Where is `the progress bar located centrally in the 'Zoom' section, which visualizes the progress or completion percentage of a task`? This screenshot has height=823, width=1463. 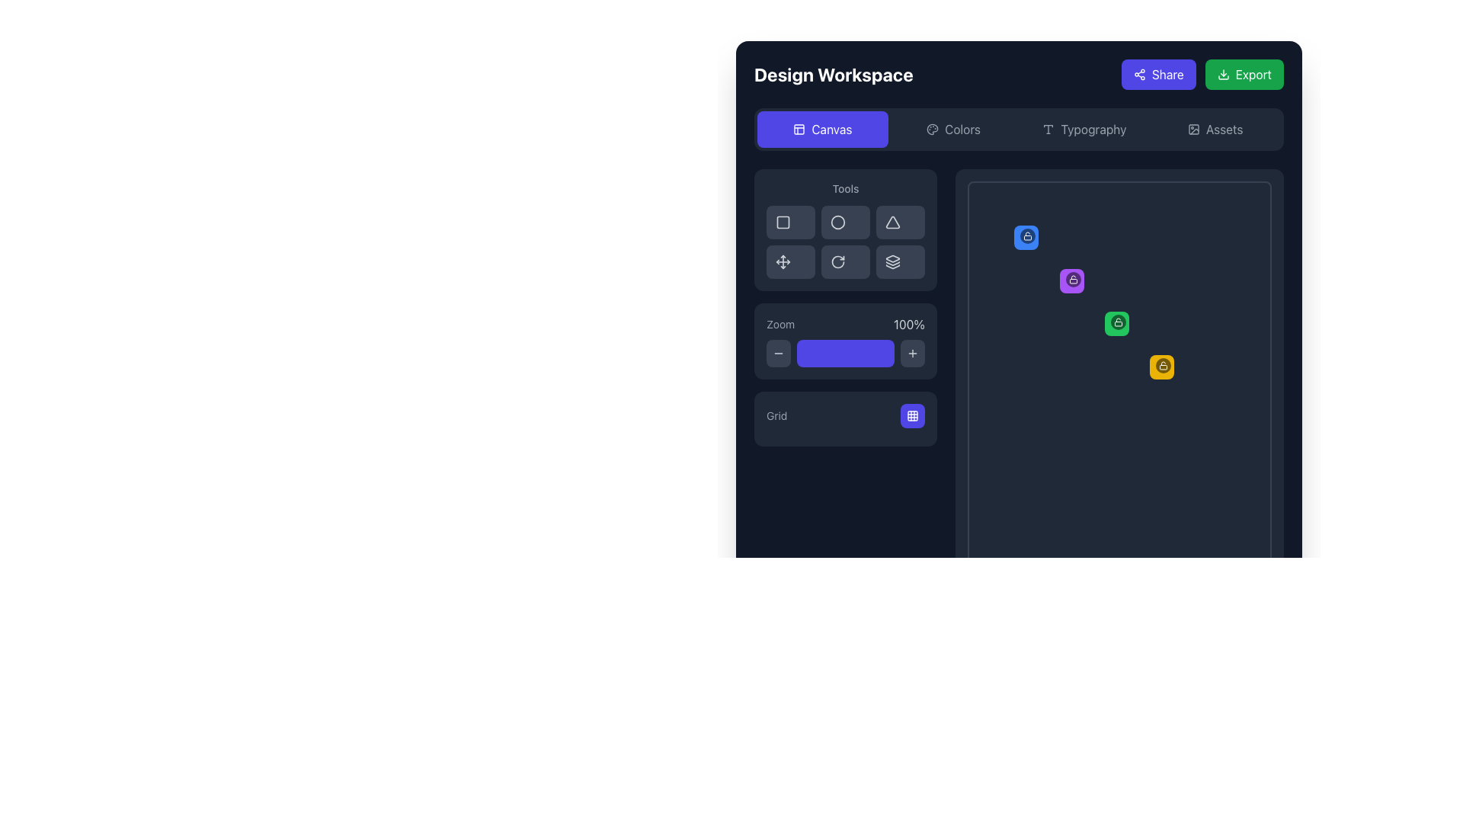
the progress bar located centrally in the 'Zoom' section, which visualizes the progress or completion percentage of a task is located at coordinates (844, 353).